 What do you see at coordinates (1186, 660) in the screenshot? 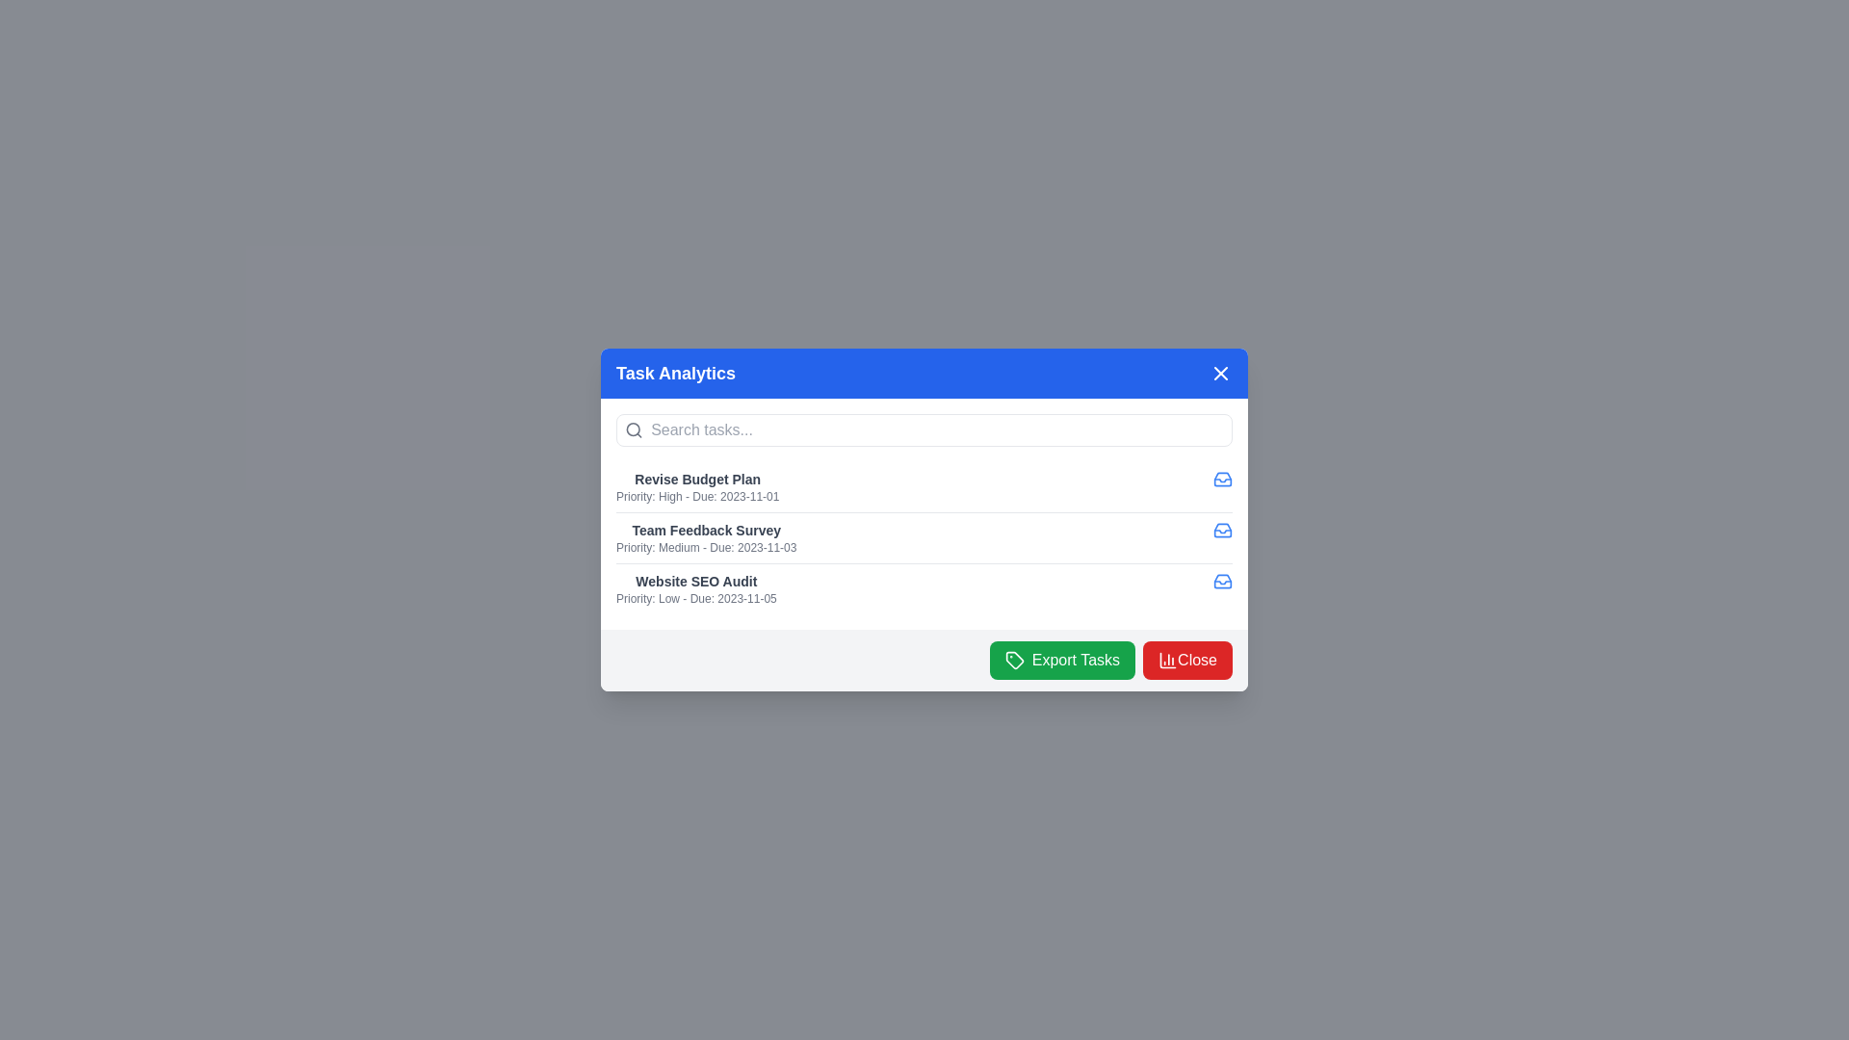
I see `the 'Close' button with a red background and white text` at bounding box center [1186, 660].